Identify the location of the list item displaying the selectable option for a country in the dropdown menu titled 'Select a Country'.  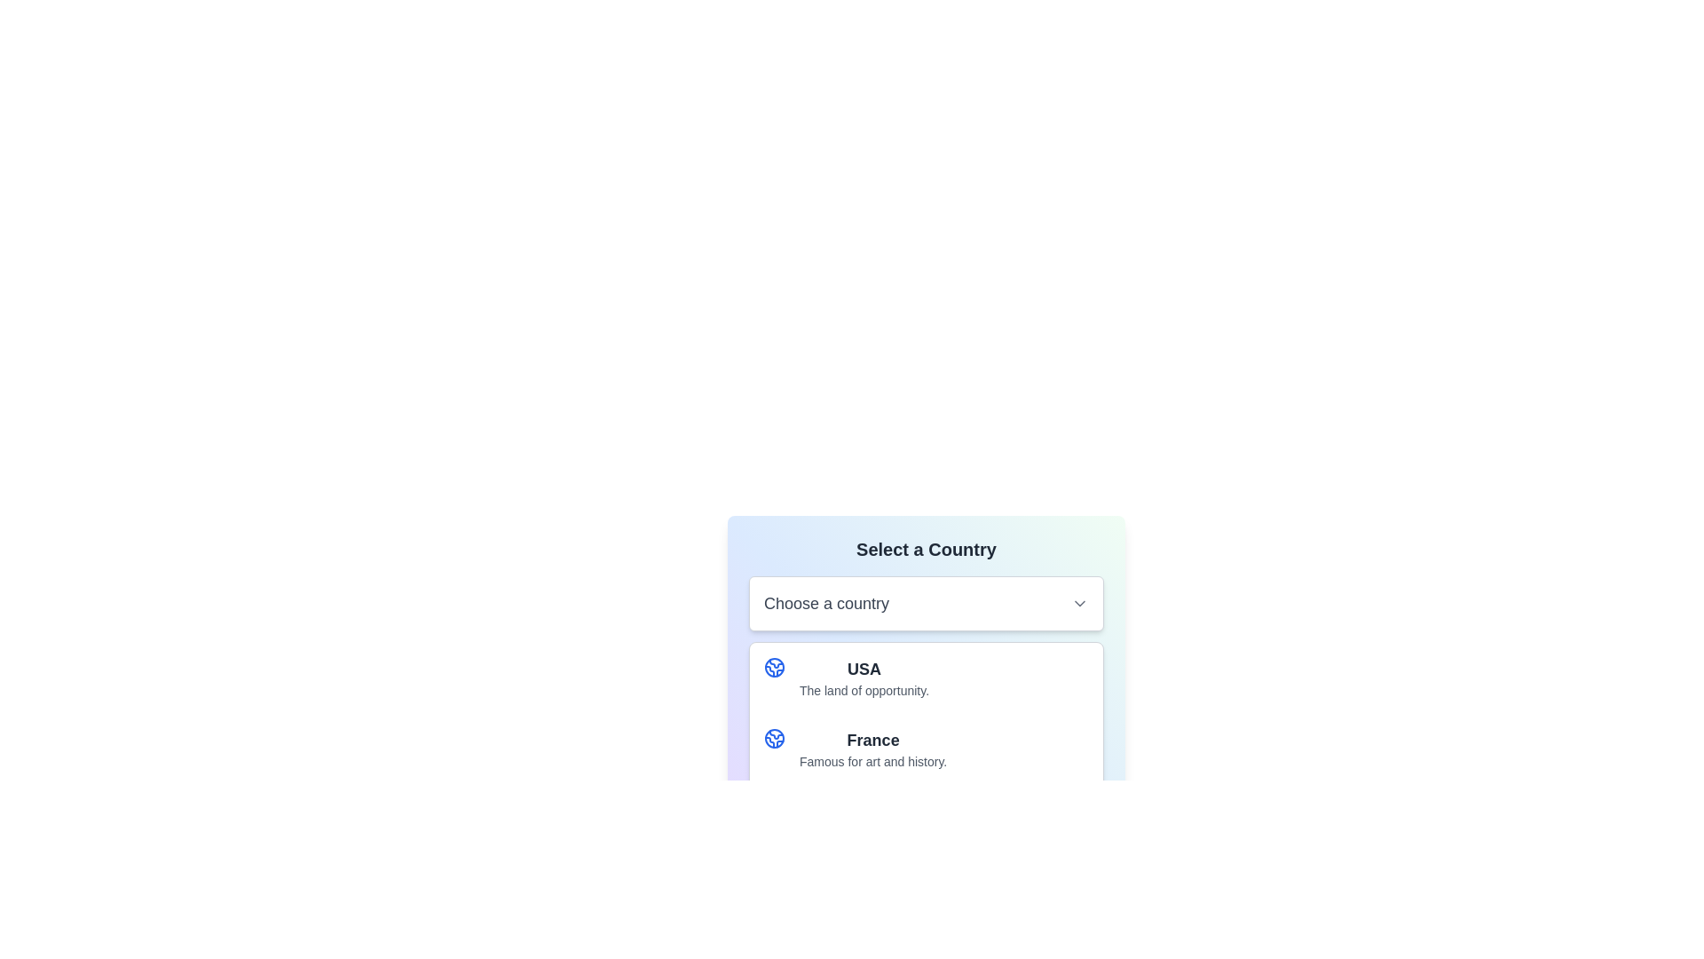
(872, 749).